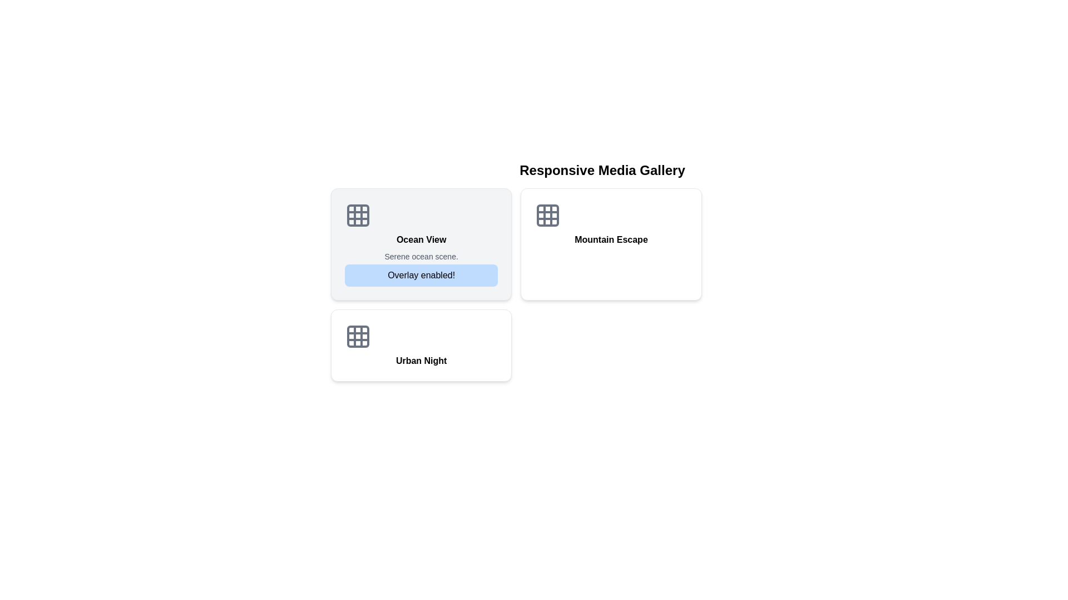 Image resolution: width=1068 pixels, height=600 pixels. I want to click on the small square icon with rounded corners located in the center of the 3x3 grid within the 'Urban Night' section in the lower-left area of the interface, so click(358, 336).